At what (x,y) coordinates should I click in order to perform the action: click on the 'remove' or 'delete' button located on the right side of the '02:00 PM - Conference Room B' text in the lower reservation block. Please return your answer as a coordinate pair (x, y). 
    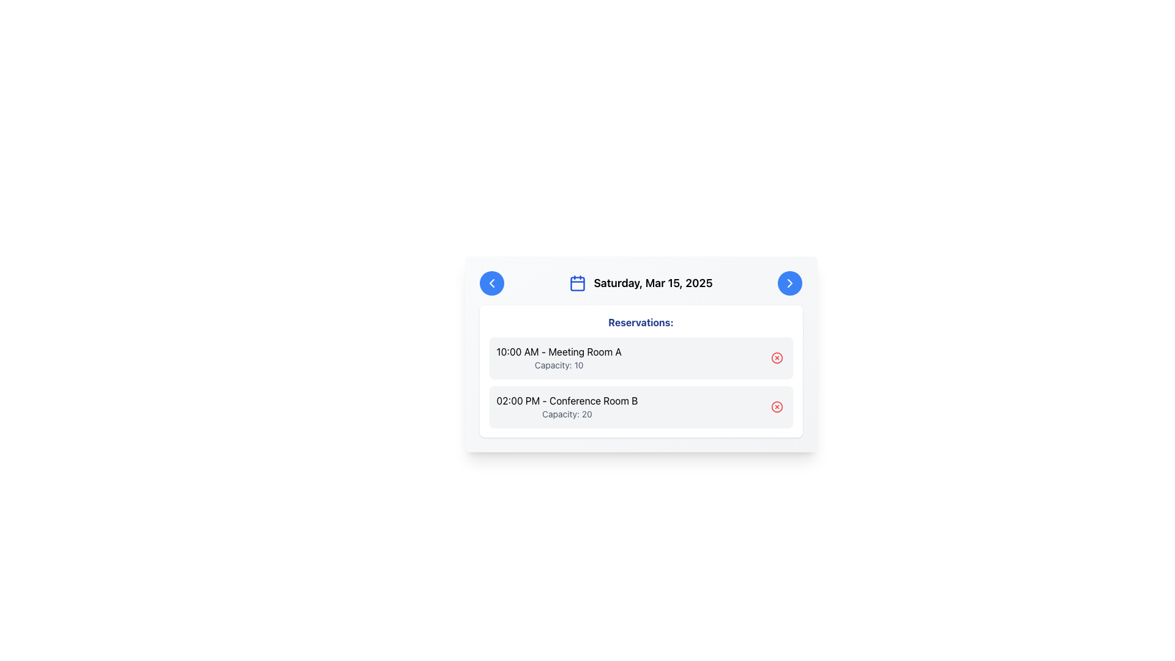
    Looking at the image, I should click on (776, 406).